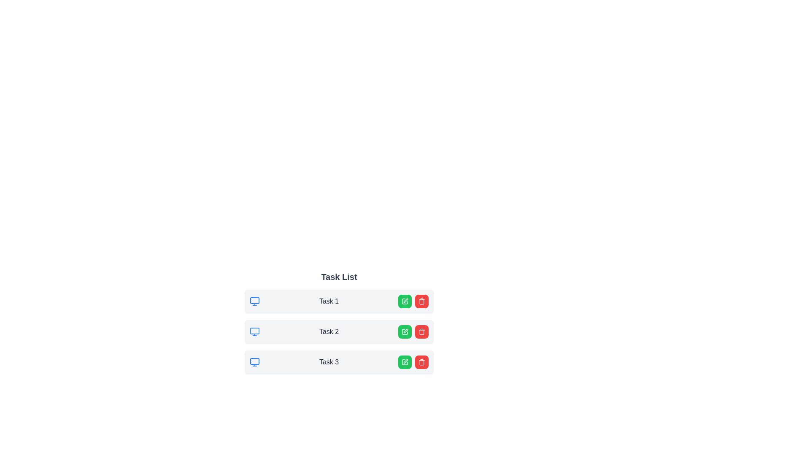 The width and height of the screenshot is (810, 456). I want to click on the first button in the action button group located at the far right of the row labeled 'Task 3' to initiate the edit function, so click(405, 361).